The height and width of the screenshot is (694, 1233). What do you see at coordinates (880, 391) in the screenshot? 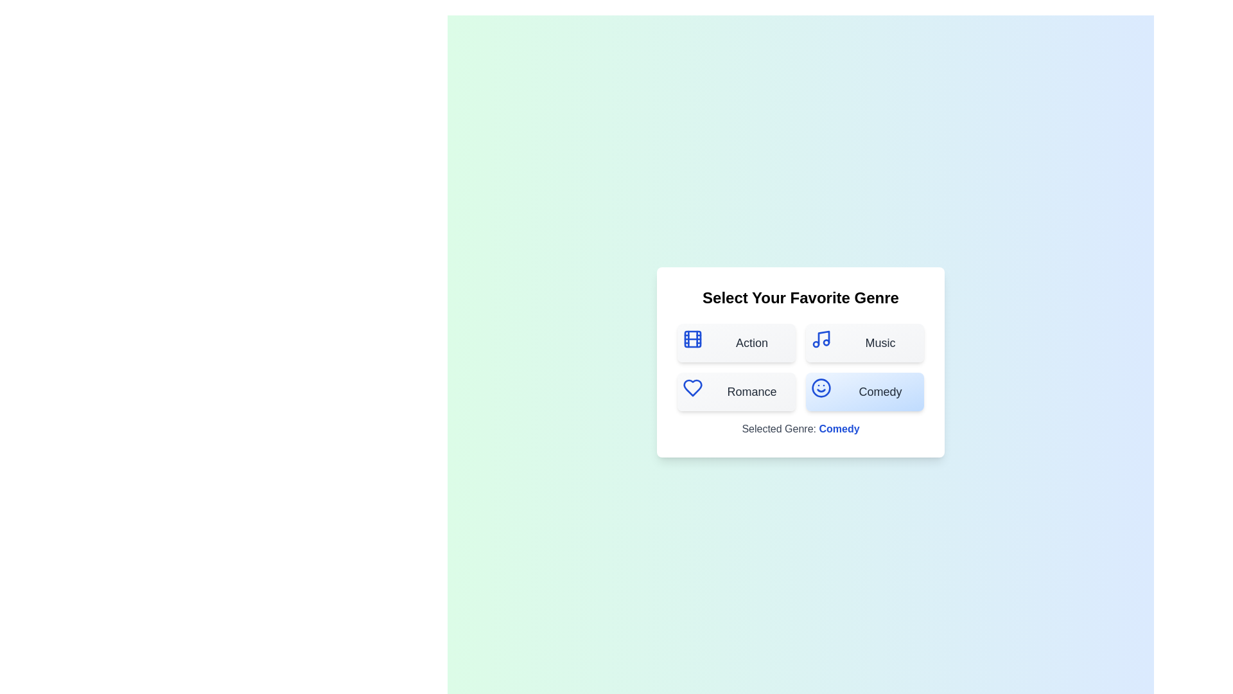
I see `the text label displaying 'Comedy' which is styled as part of a button component located in the bottom-right of the grid of options` at bounding box center [880, 391].